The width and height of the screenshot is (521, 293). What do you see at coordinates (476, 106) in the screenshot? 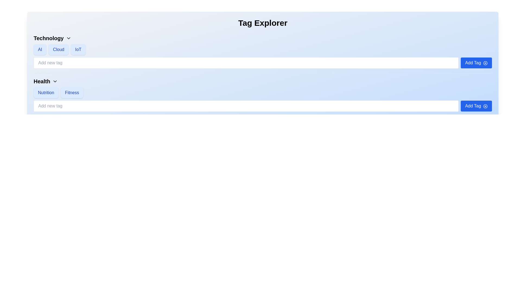
I see `the button located at the far right of the input field` at bounding box center [476, 106].